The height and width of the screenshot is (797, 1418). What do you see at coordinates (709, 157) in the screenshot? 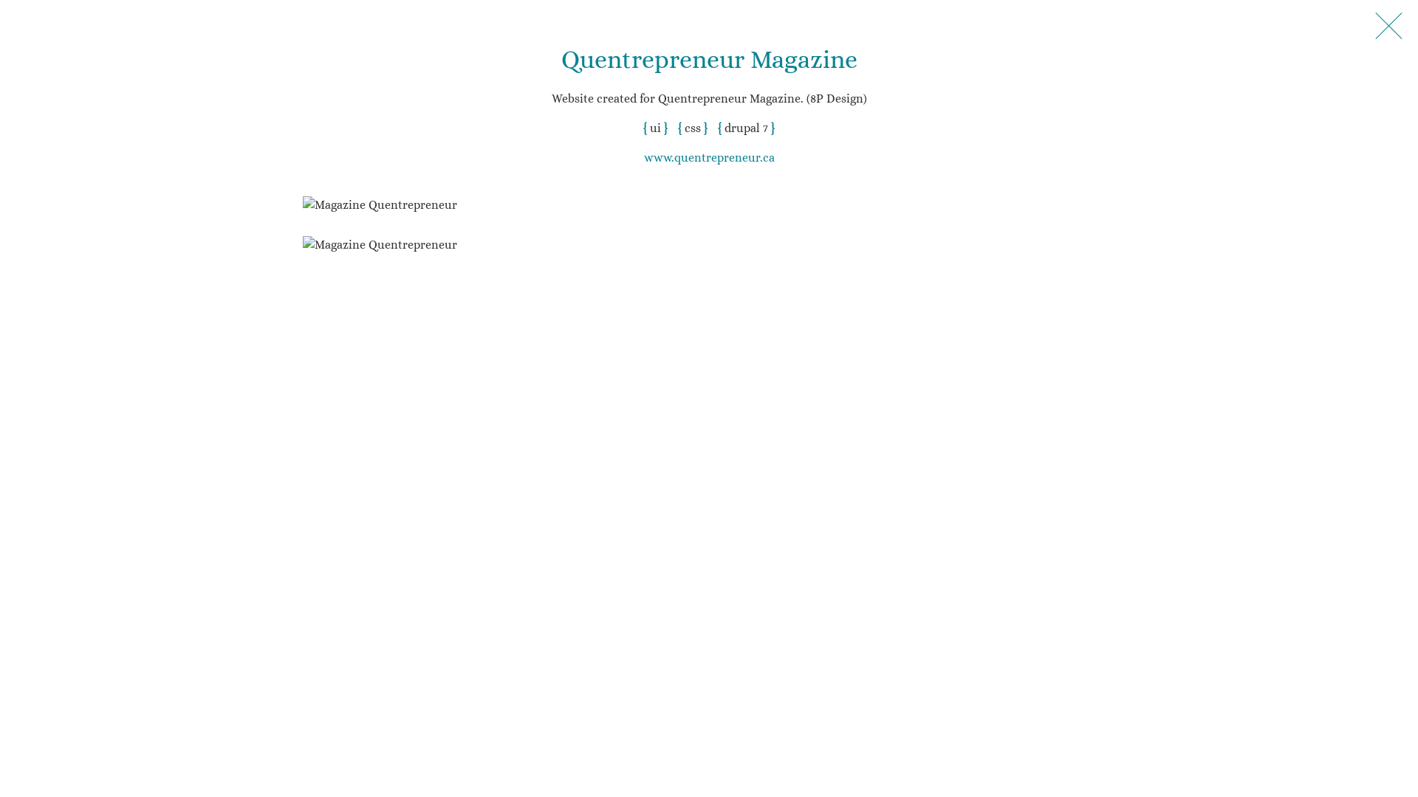
I see `'www.quentrepreneur.ca'` at bounding box center [709, 157].